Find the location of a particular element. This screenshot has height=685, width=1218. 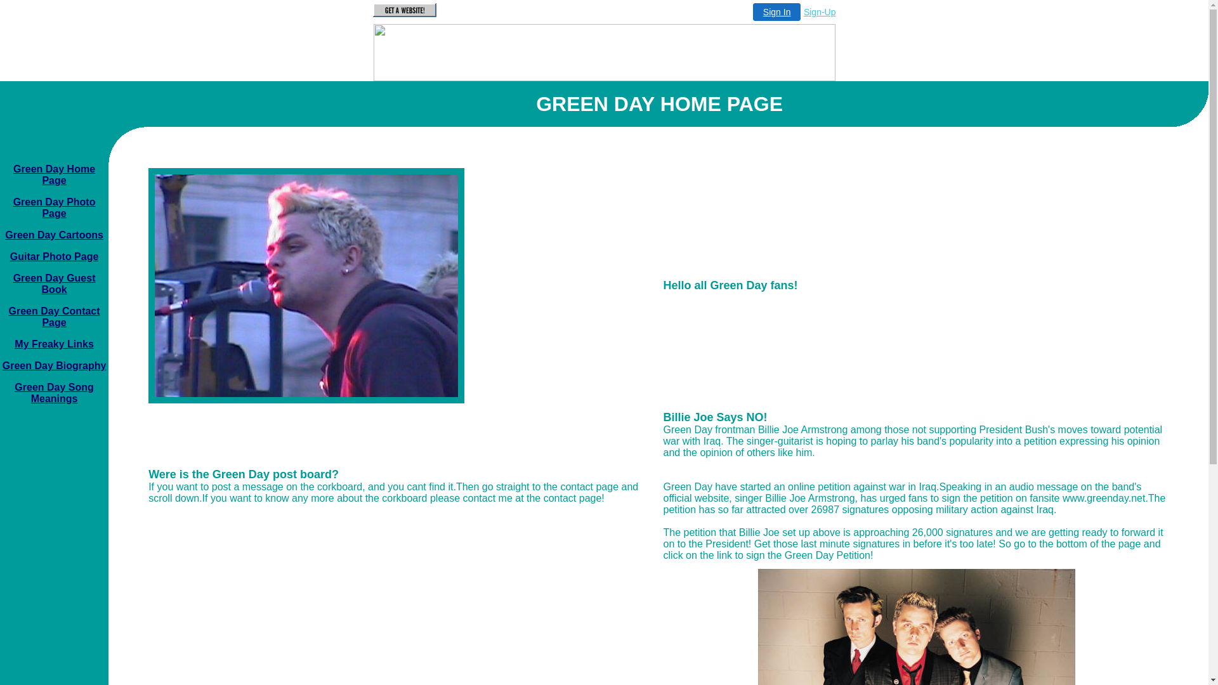

'Sign In' is located at coordinates (776, 12).